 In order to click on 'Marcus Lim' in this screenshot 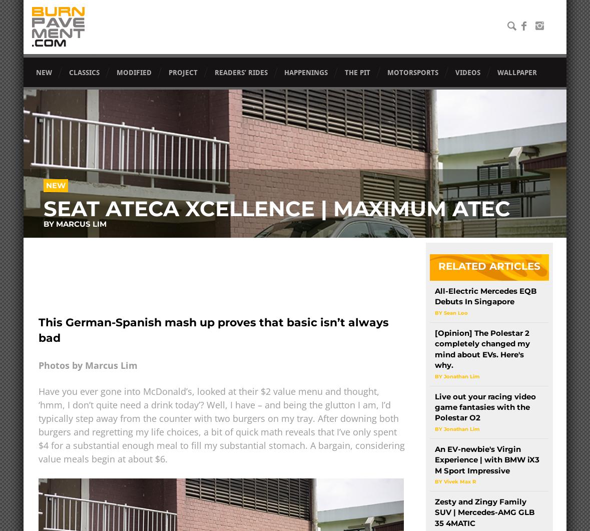, I will do `click(81, 224)`.